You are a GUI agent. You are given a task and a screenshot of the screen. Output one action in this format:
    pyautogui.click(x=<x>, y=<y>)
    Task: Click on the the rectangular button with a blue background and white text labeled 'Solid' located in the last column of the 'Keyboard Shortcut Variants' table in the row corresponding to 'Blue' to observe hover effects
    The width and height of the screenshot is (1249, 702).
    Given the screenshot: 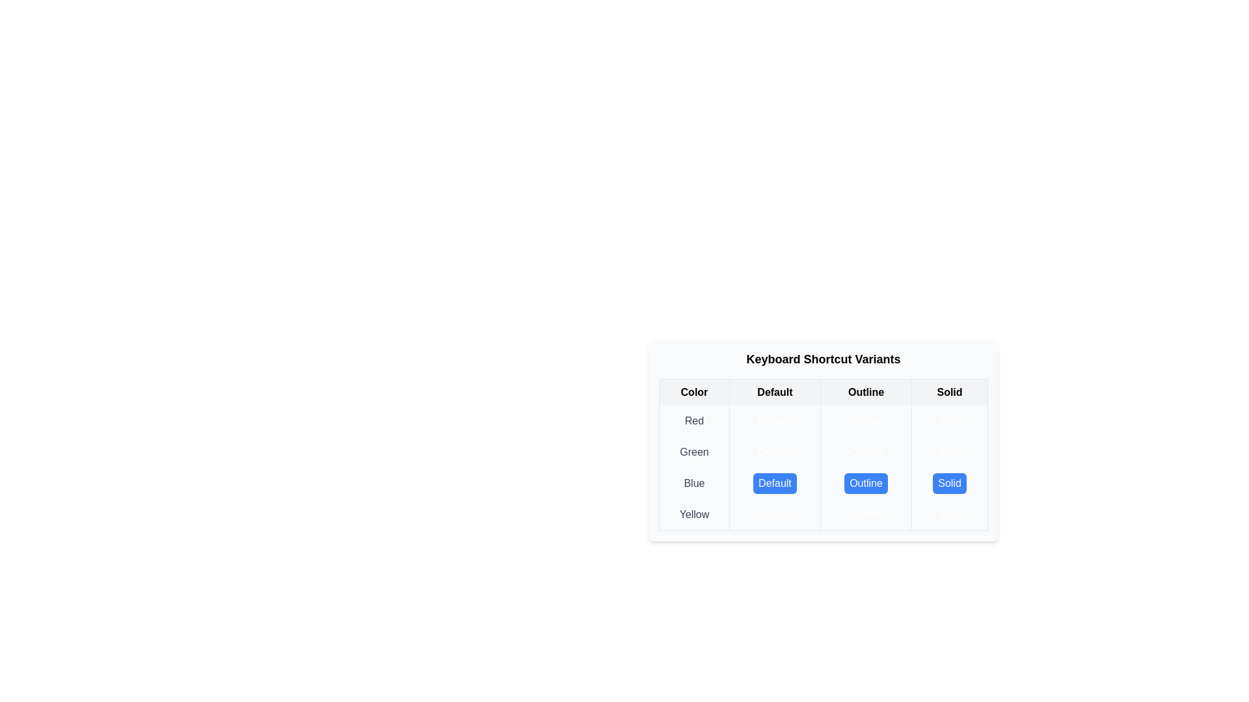 What is the action you would take?
    pyautogui.click(x=949, y=484)
    